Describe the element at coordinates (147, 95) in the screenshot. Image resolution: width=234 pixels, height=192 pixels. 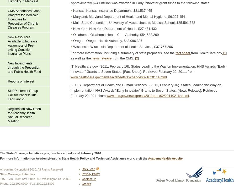
I see `'www.hhs.gov/news/press/2011pres/02/20110216a.html'` at that location.